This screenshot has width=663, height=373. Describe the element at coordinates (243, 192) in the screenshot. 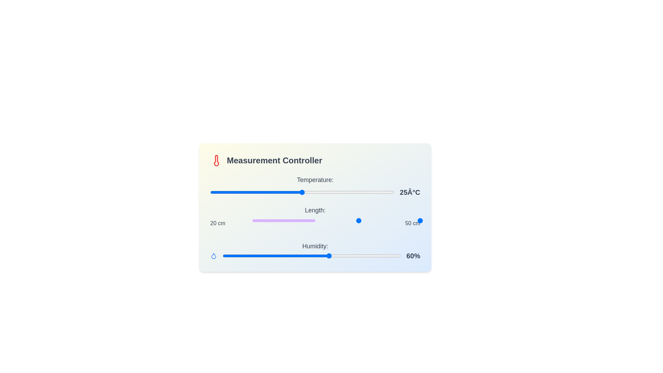

I see `the temperature` at that location.